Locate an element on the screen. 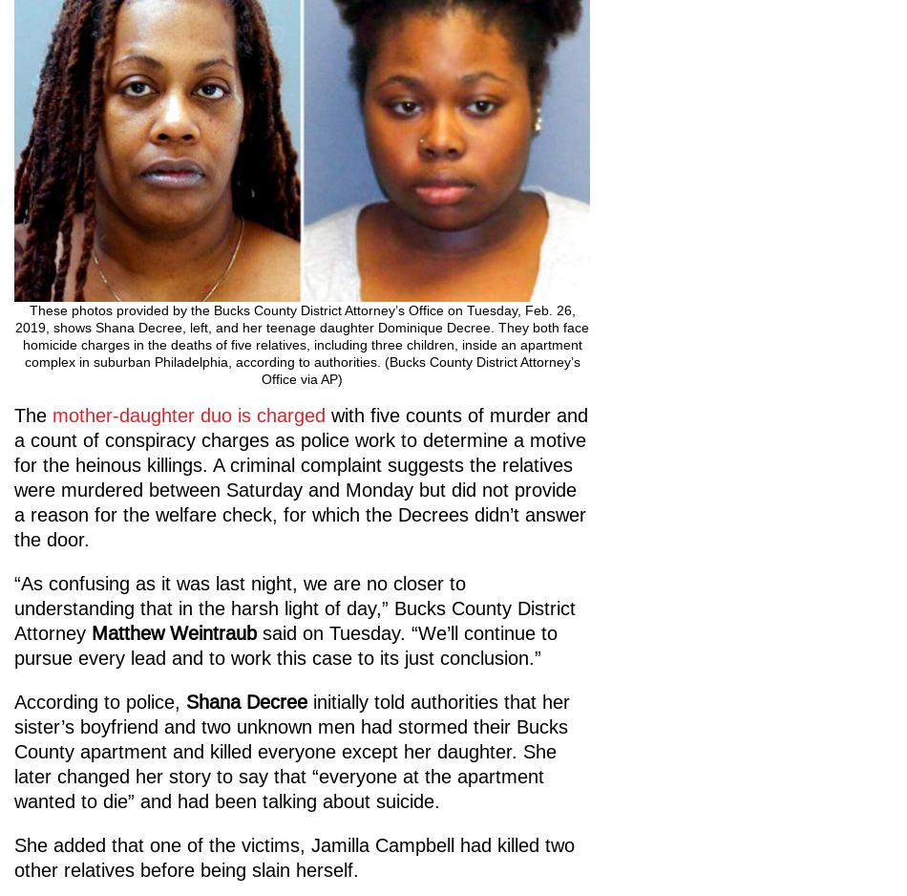 This screenshot has height=896, width=907. 'Sign Up' is located at coordinates (105, 654).